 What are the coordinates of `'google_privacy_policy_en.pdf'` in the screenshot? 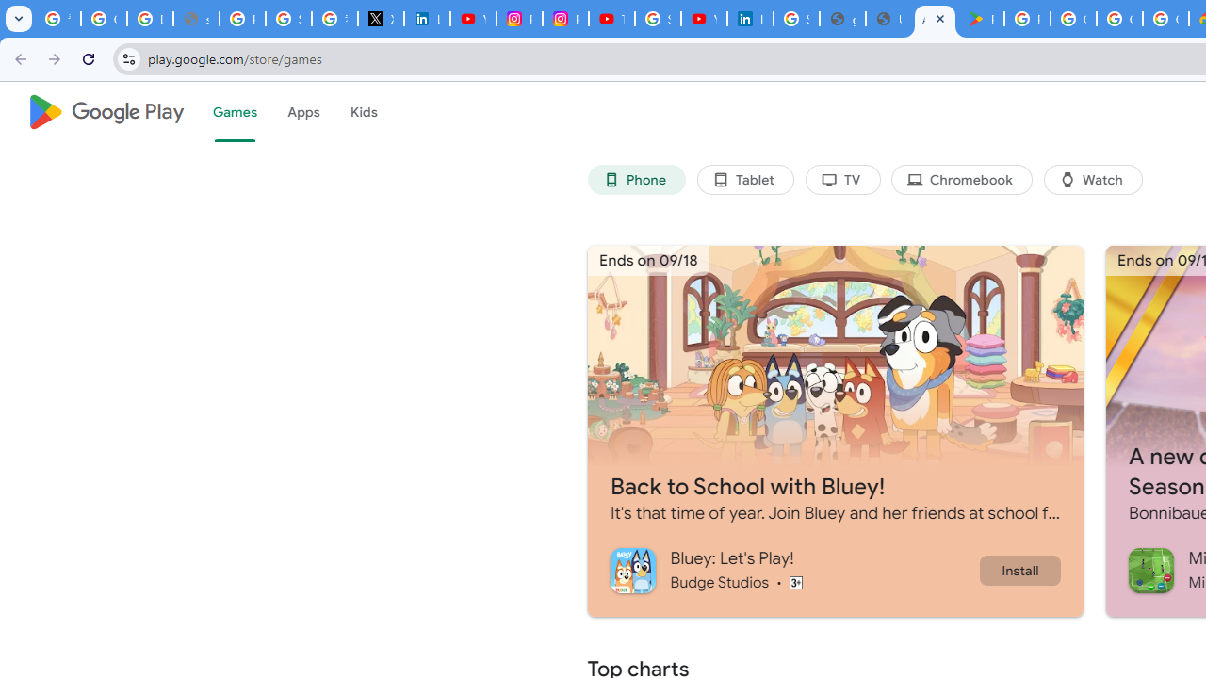 It's located at (841, 19).